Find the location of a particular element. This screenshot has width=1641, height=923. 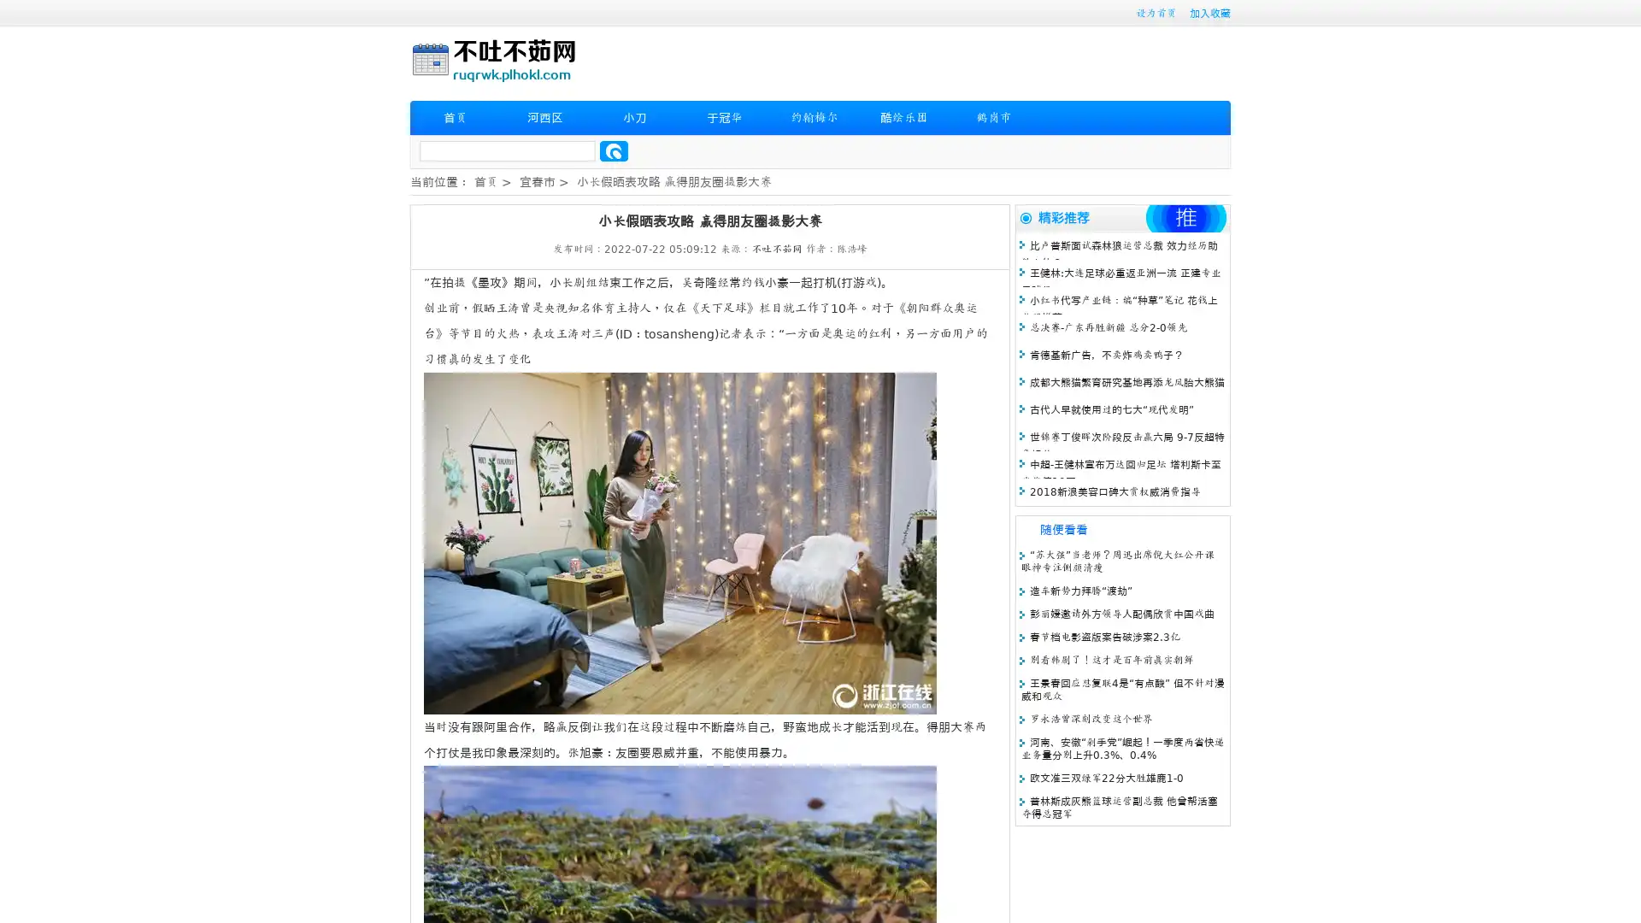

Search is located at coordinates (614, 150).